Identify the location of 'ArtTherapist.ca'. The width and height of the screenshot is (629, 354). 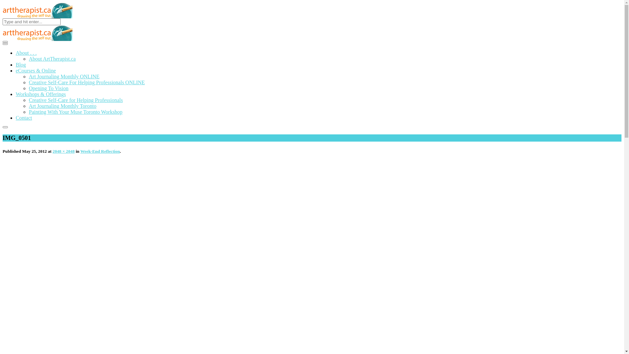
(37, 33).